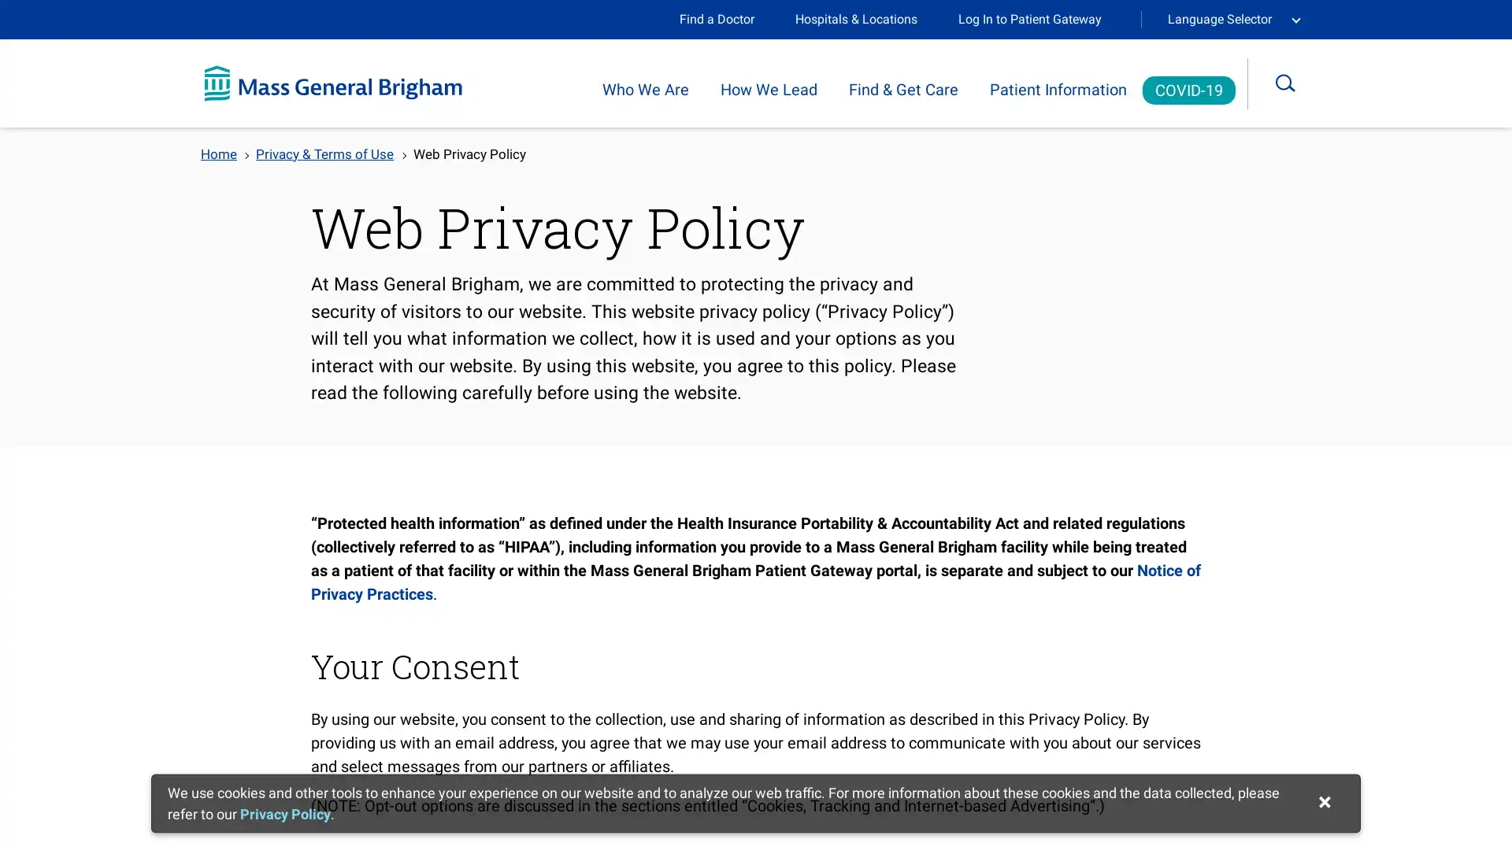  Describe the element at coordinates (1296, 83) in the screenshot. I see `Search` at that location.